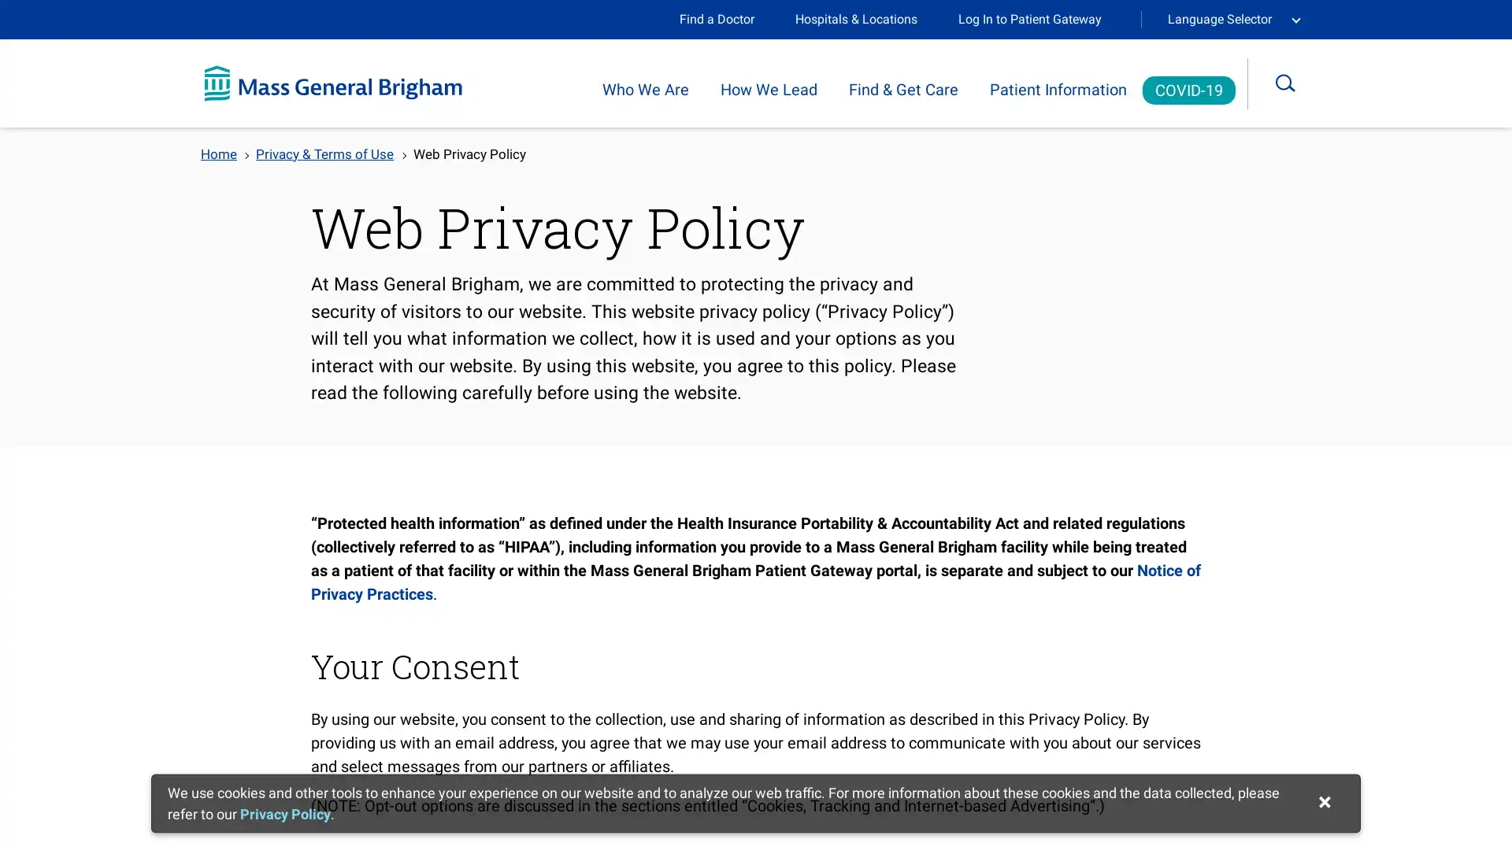  Describe the element at coordinates (1296, 83) in the screenshot. I see `Search` at that location.